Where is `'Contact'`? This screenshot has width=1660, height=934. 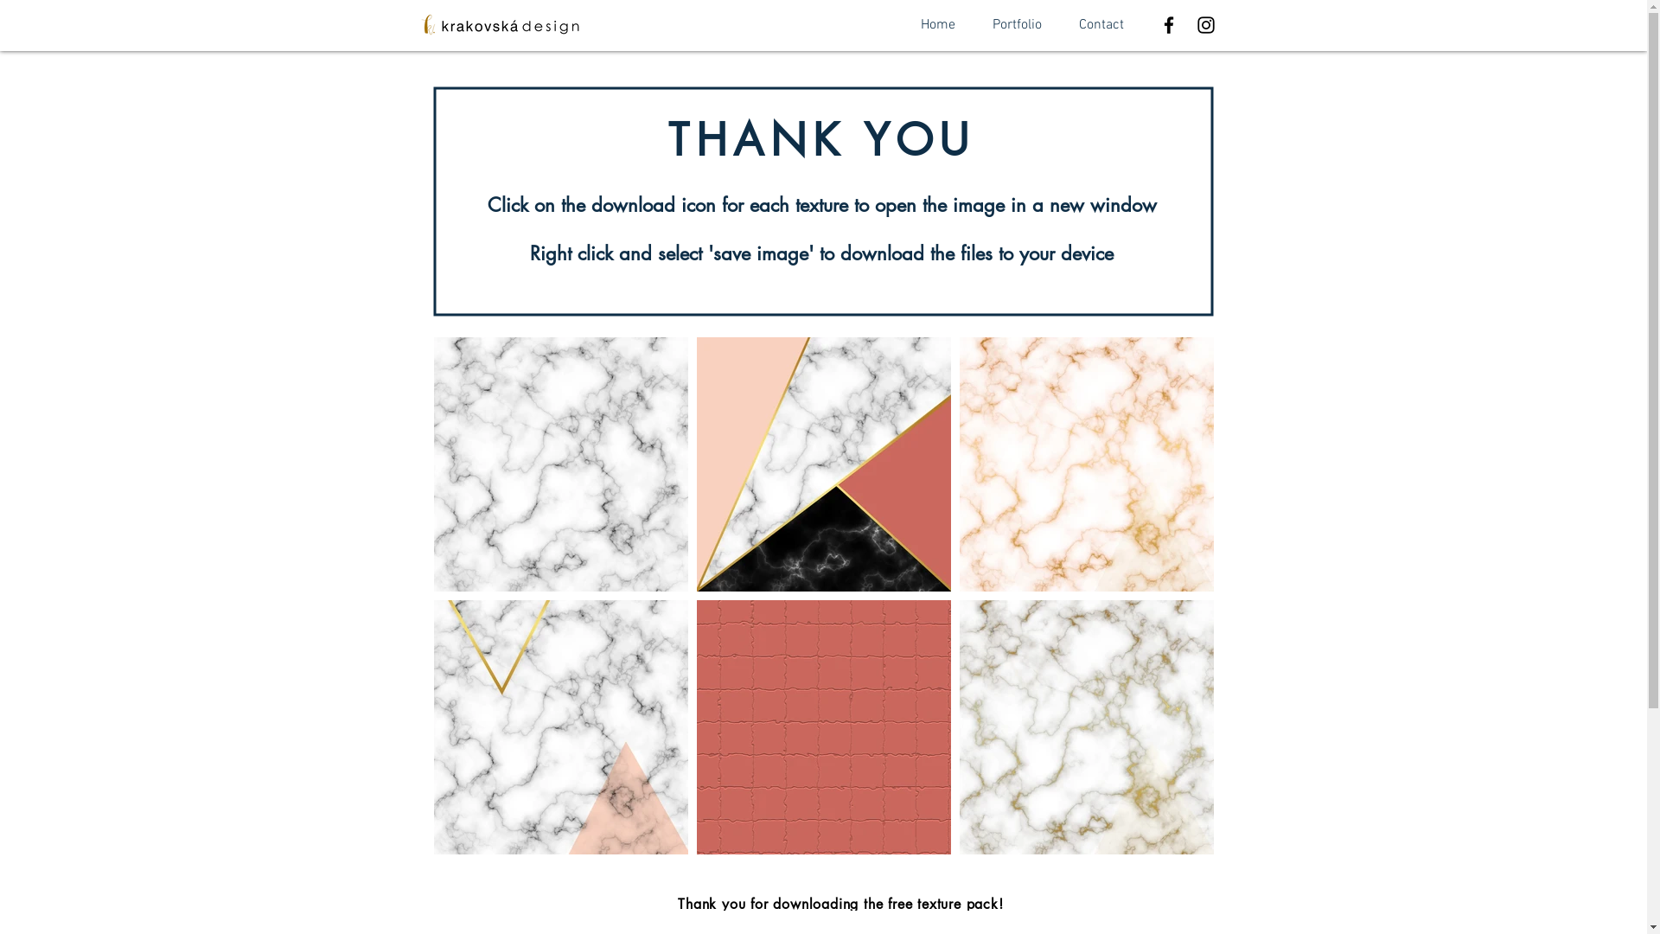 'Contact' is located at coordinates (1100, 25).